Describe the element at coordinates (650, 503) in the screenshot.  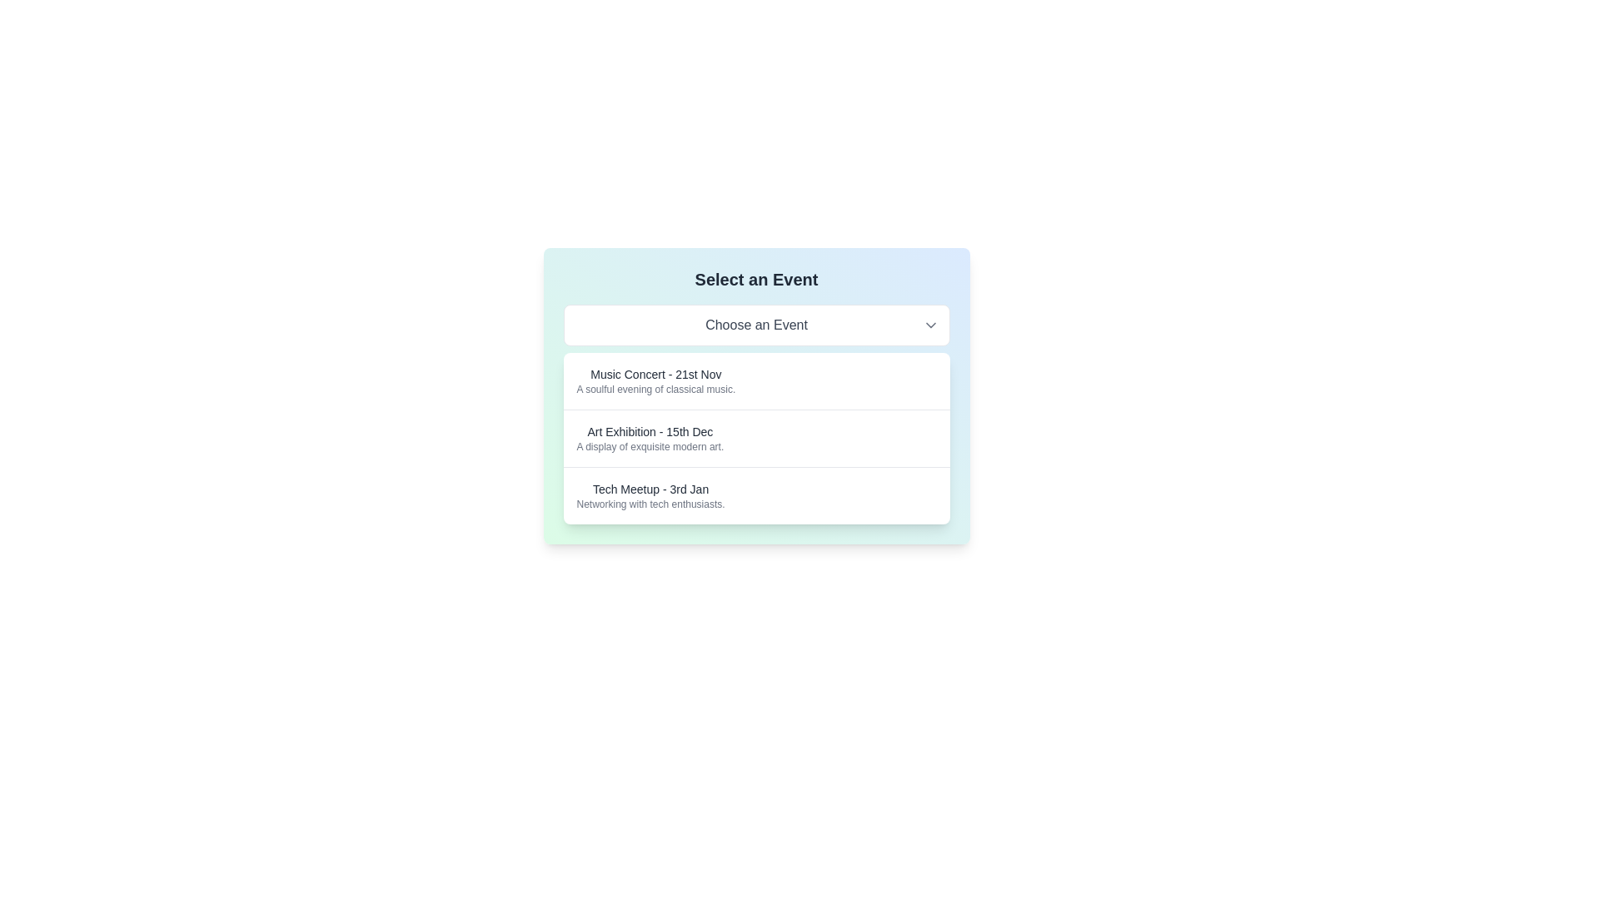
I see `secondary text providing details about the 'Tech Meetup - 3rd Jan' event, located beneath the title in the rightmost column of the dropdown menu` at that location.